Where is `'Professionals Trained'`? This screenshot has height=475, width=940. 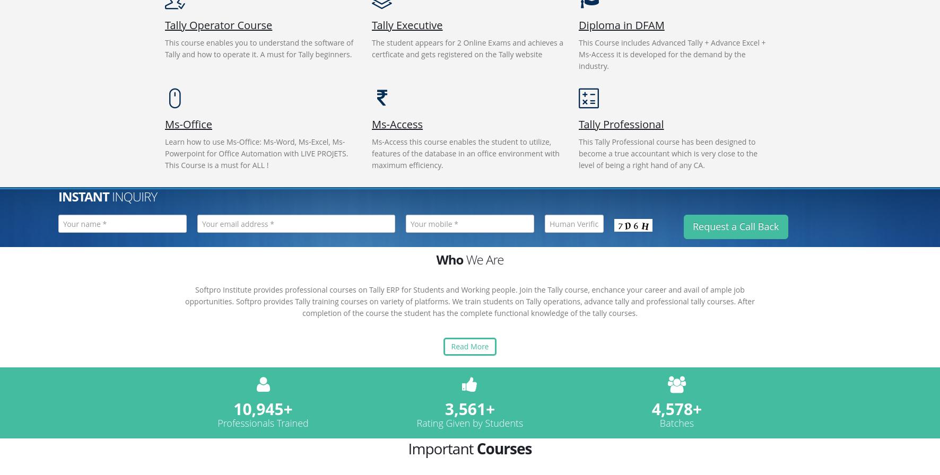 'Professionals Trained' is located at coordinates (262, 422).